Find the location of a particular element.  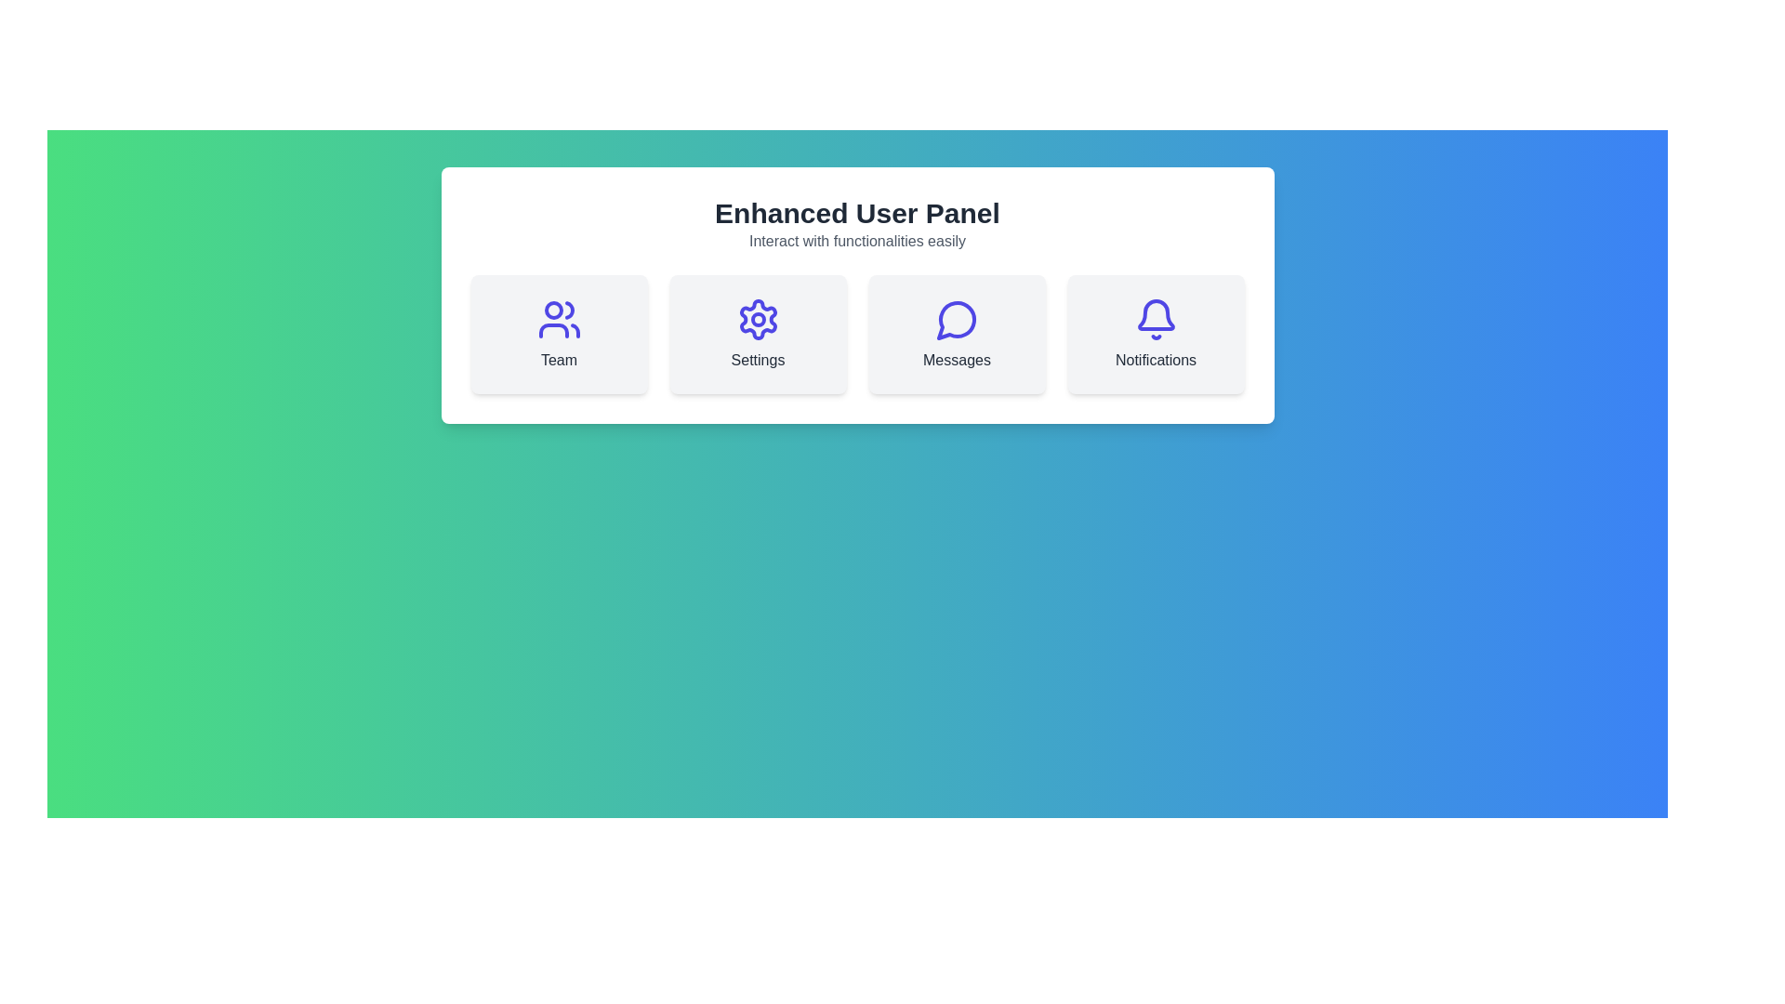

text of the Text Label situated directly underneath the bold header 'Enhanced User Panel' is located at coordinates (856, 240).